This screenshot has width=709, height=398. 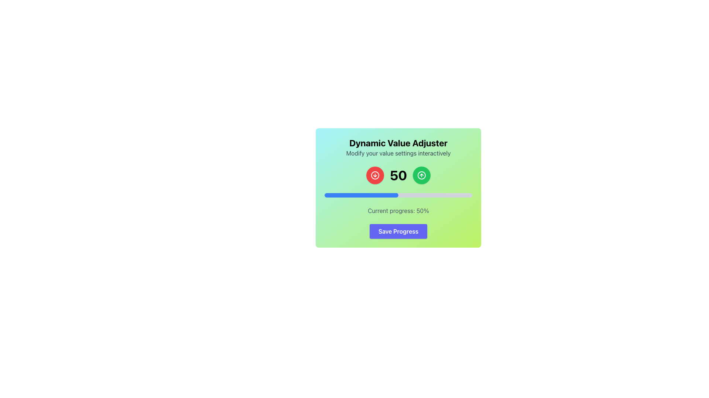 I want to click on the decrement icon located within the circular red button to the left of the central numerical display '50' to decrement the value, so click(x=375, y=175).